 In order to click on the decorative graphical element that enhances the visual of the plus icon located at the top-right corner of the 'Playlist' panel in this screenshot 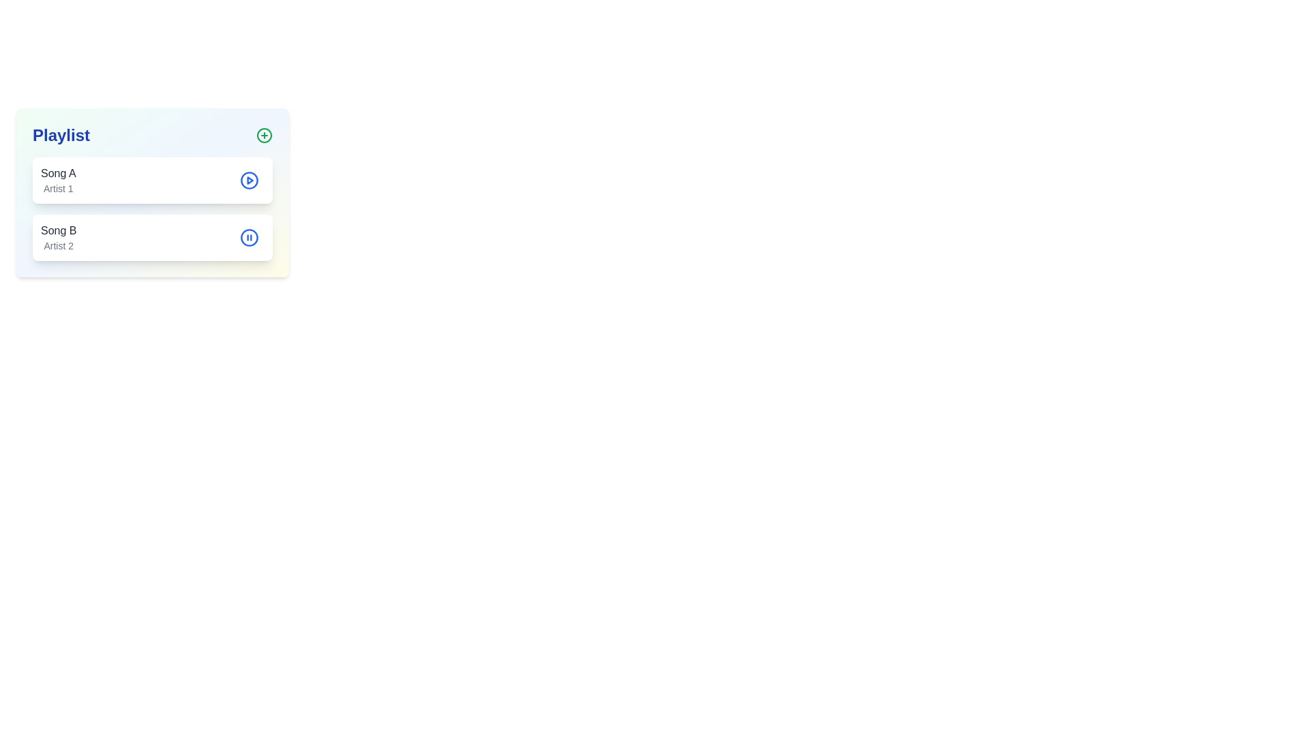, I will do `click(265, 136)`.